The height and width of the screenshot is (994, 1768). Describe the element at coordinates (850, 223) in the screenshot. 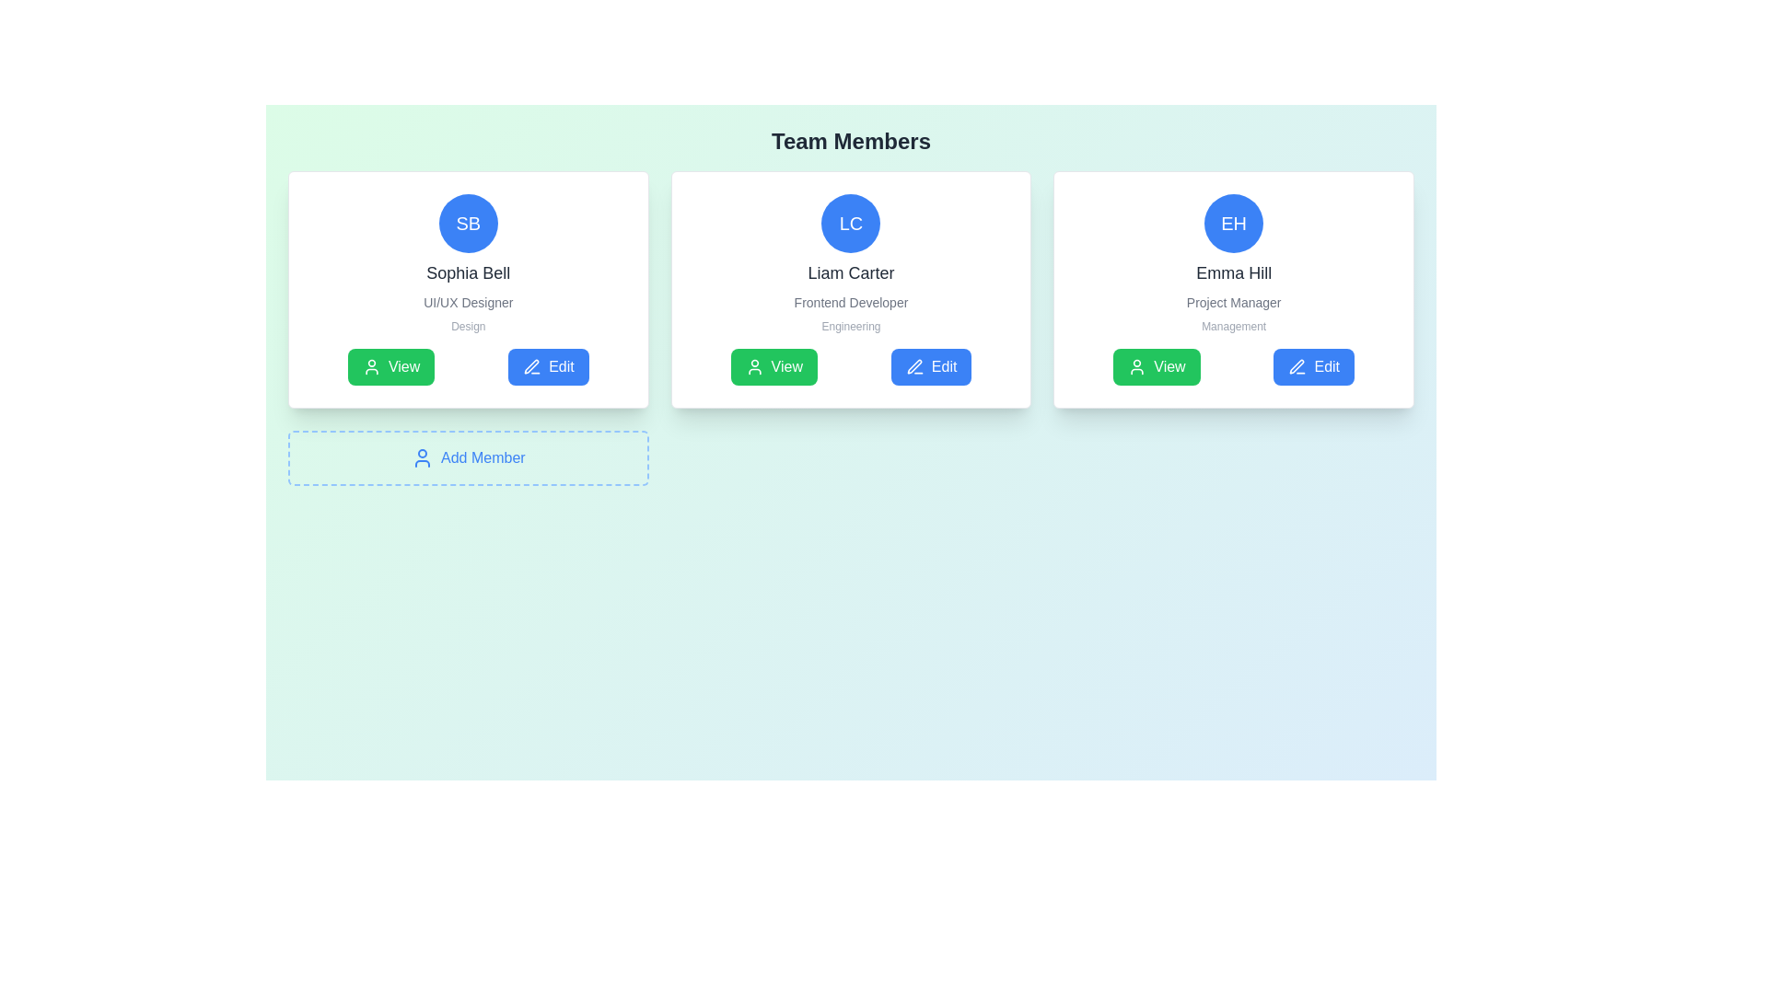

I see `the avatar element representing the user, which is located at the top-center of the profile card above the name 'Liam Carter' and the role 'Frontend Developer'` at that location.